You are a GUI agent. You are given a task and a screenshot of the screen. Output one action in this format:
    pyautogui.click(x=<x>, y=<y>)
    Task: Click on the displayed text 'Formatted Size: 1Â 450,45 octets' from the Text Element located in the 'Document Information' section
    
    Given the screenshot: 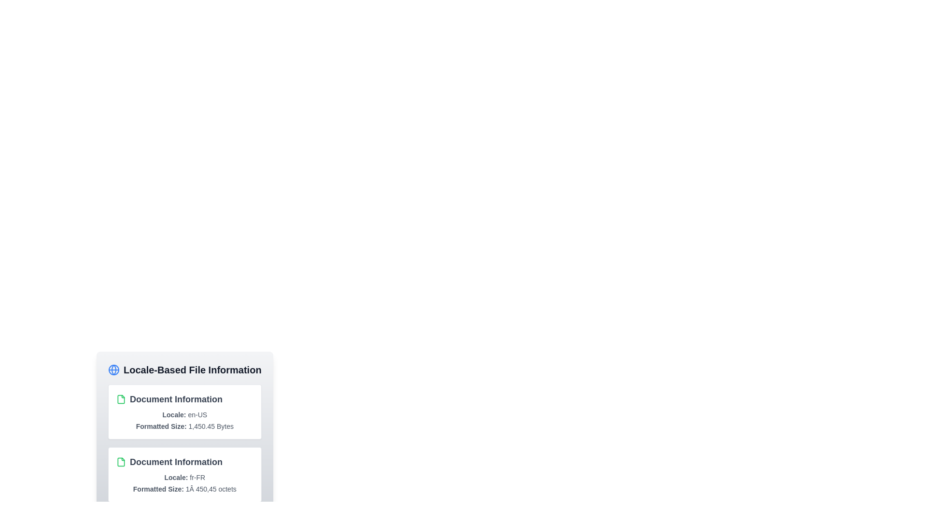 What is the action you would take?
    pyautogui.click(x=184, y=489)
    